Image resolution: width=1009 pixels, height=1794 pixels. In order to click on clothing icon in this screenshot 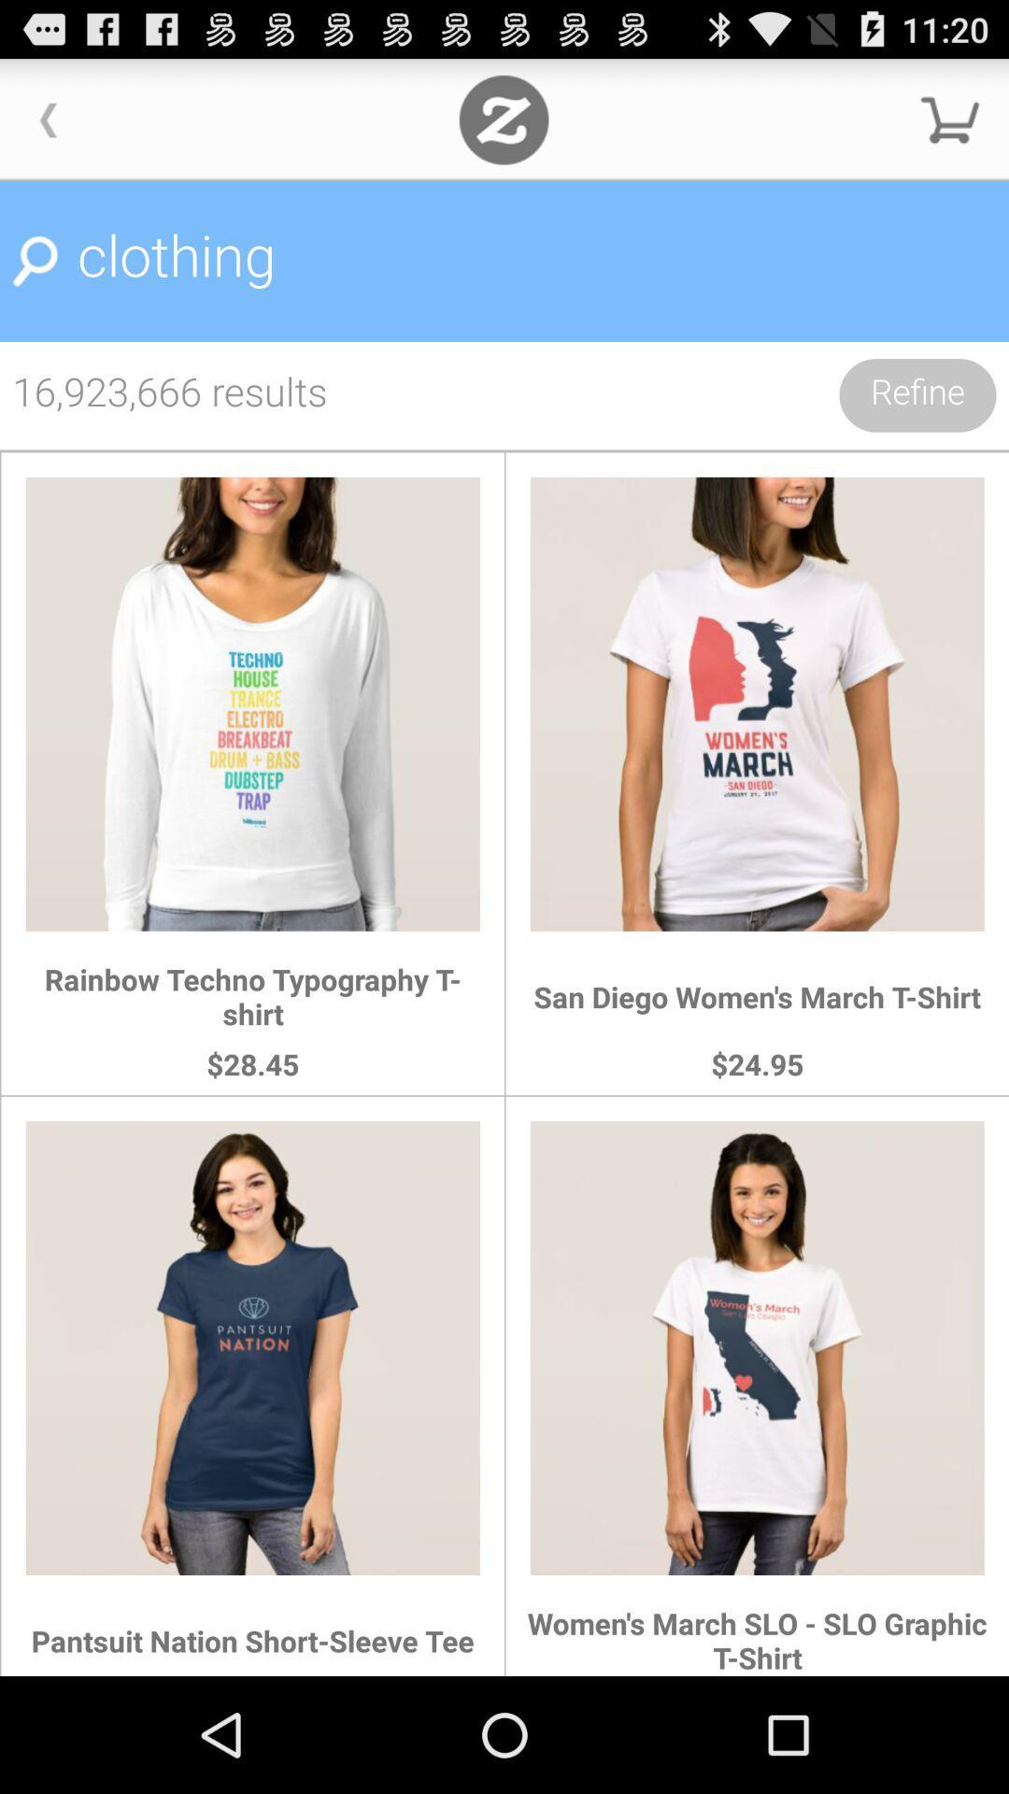, I will do `click(504, 261)`.